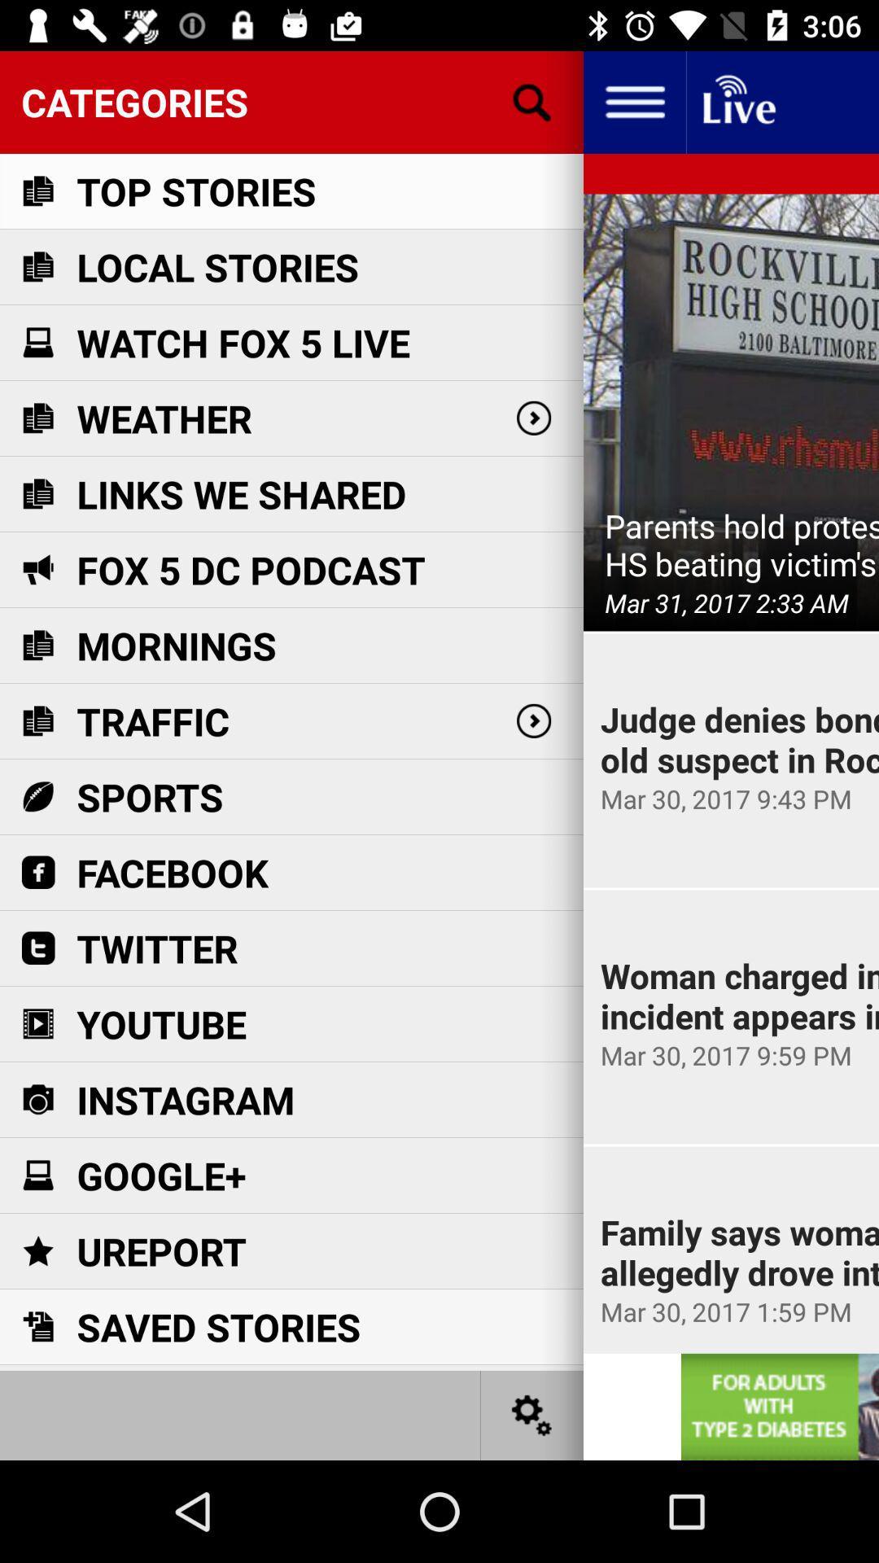  Describe the element at coordinates (779, 1406) in the screenshot. I see `advertisements` at that location.